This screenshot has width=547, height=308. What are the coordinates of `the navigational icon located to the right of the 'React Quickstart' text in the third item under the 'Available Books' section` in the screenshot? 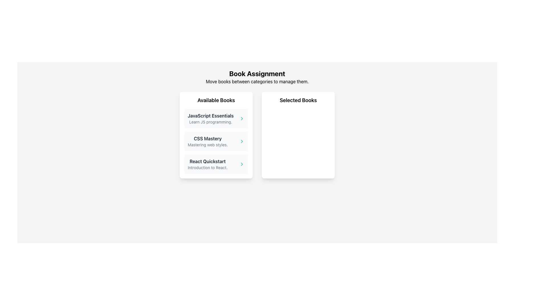 It's located at (242, 164).